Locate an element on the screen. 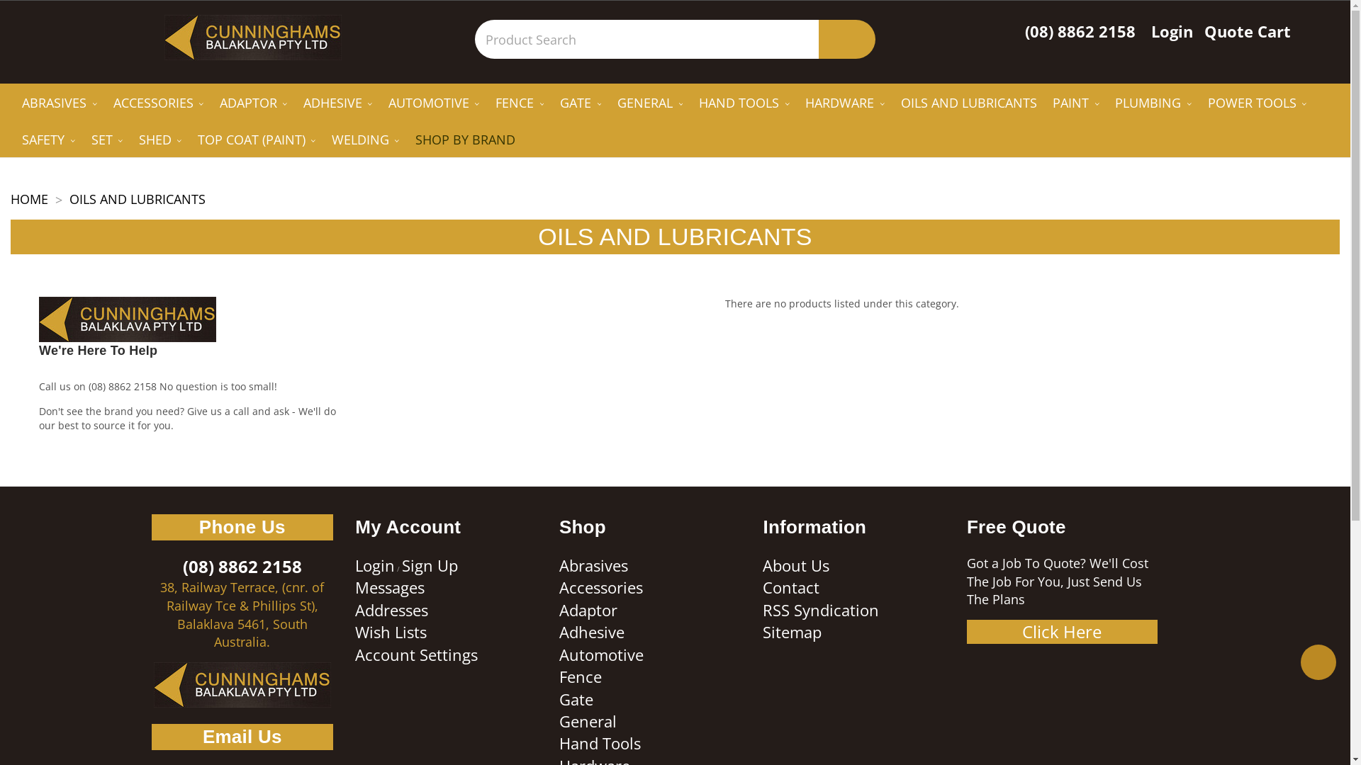 This screenshot has height=765, width=1361. 'HARDWARE' is located at coordinates (844, 103).